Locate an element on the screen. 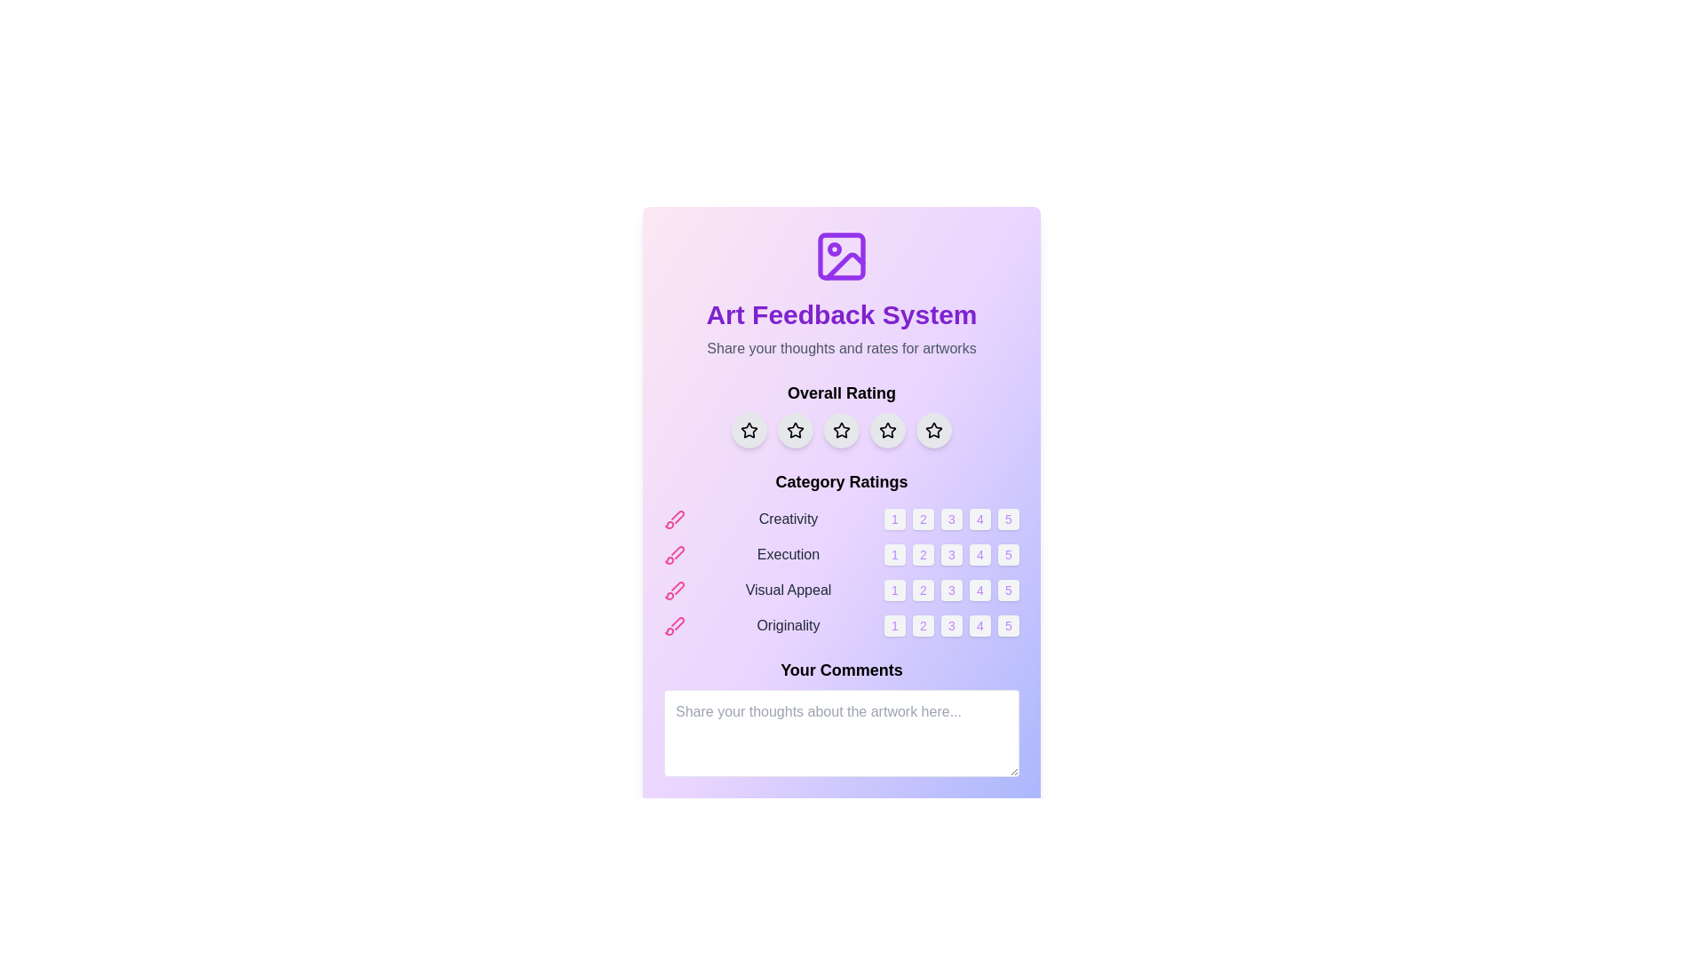  the second button in the 'Originality' category ratings is located at coordinates (924, 625).